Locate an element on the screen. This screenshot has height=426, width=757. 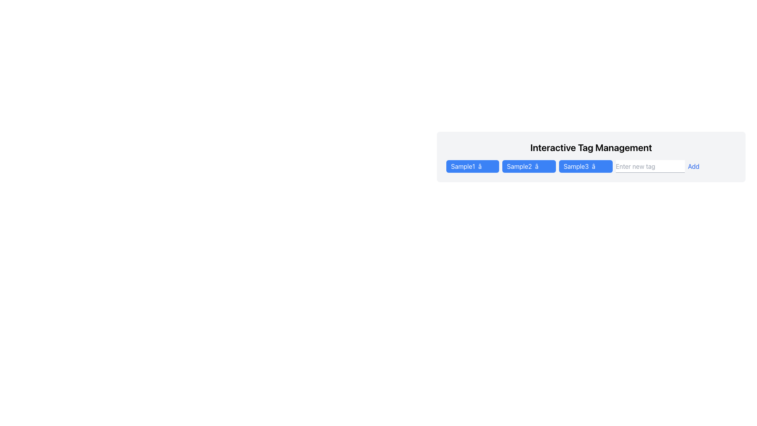
the 'Sample3' button label is located at coordinates (576, 166).